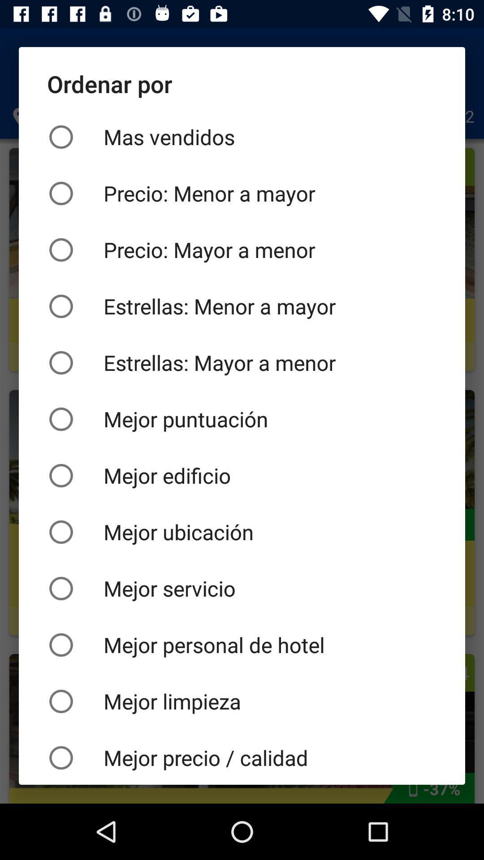 The height and width of the screenshot is (860, 484). I want to click on the item above mejor limpieza, so click(242, 645).